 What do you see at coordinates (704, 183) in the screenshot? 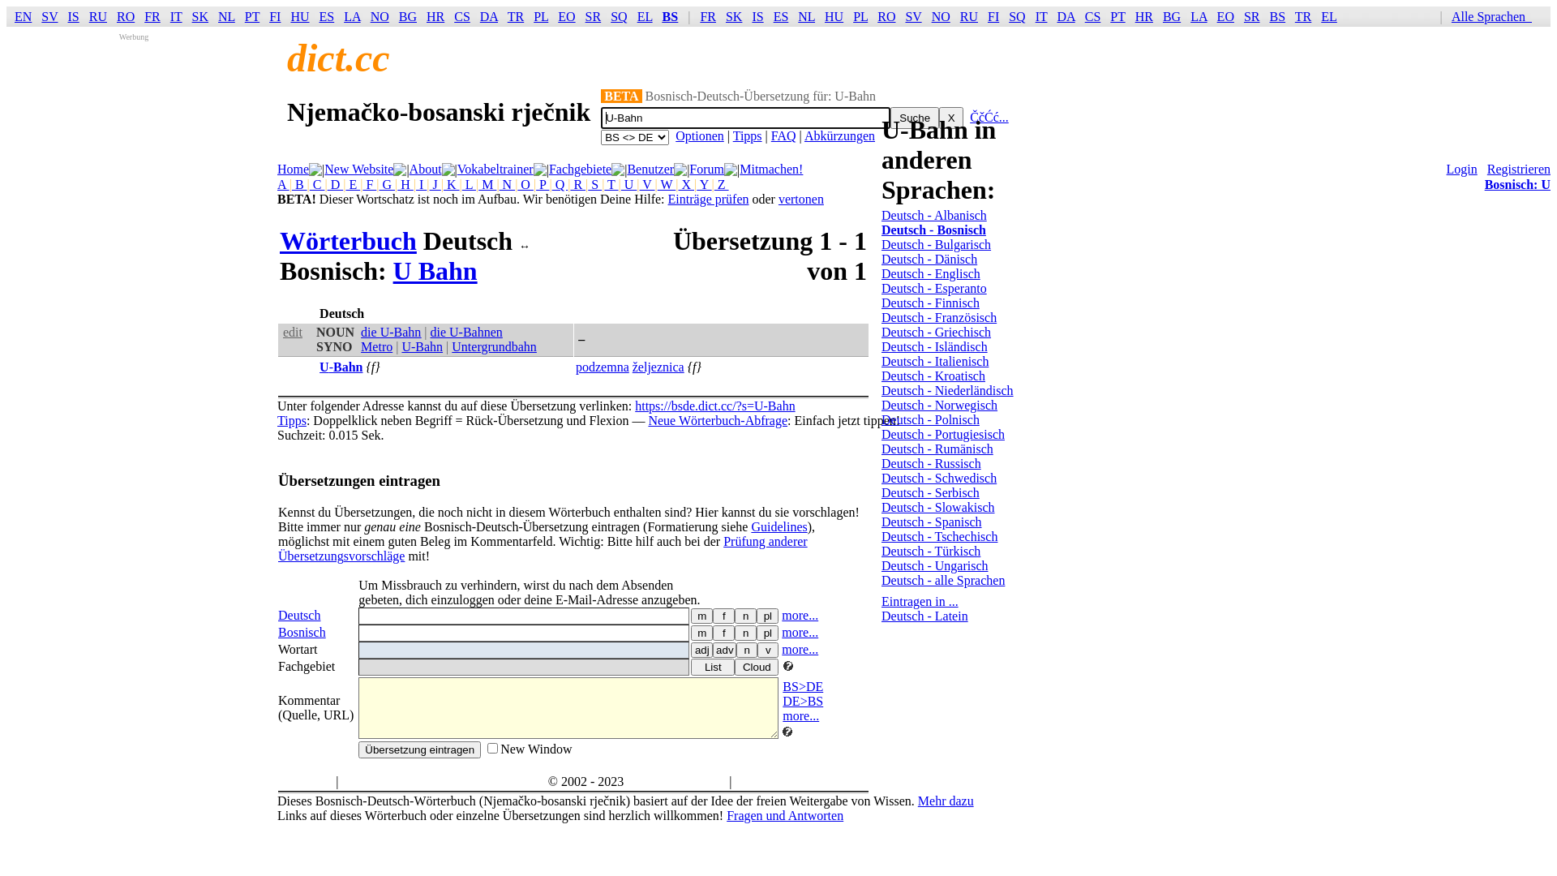
I see `'Y'` at bounding box center [704, 183].